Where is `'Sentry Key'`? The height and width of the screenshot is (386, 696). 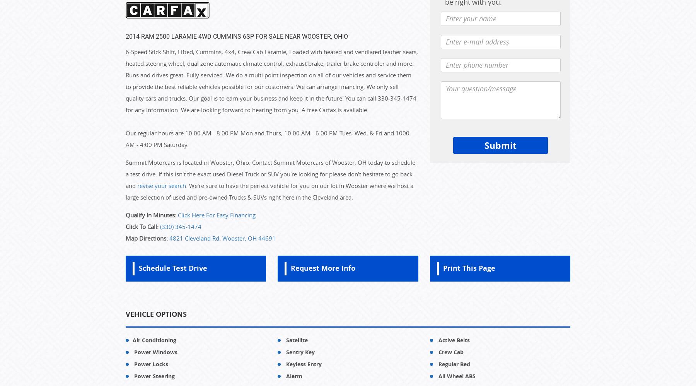 'Sentry Key' is located at coordinates (299, 352).